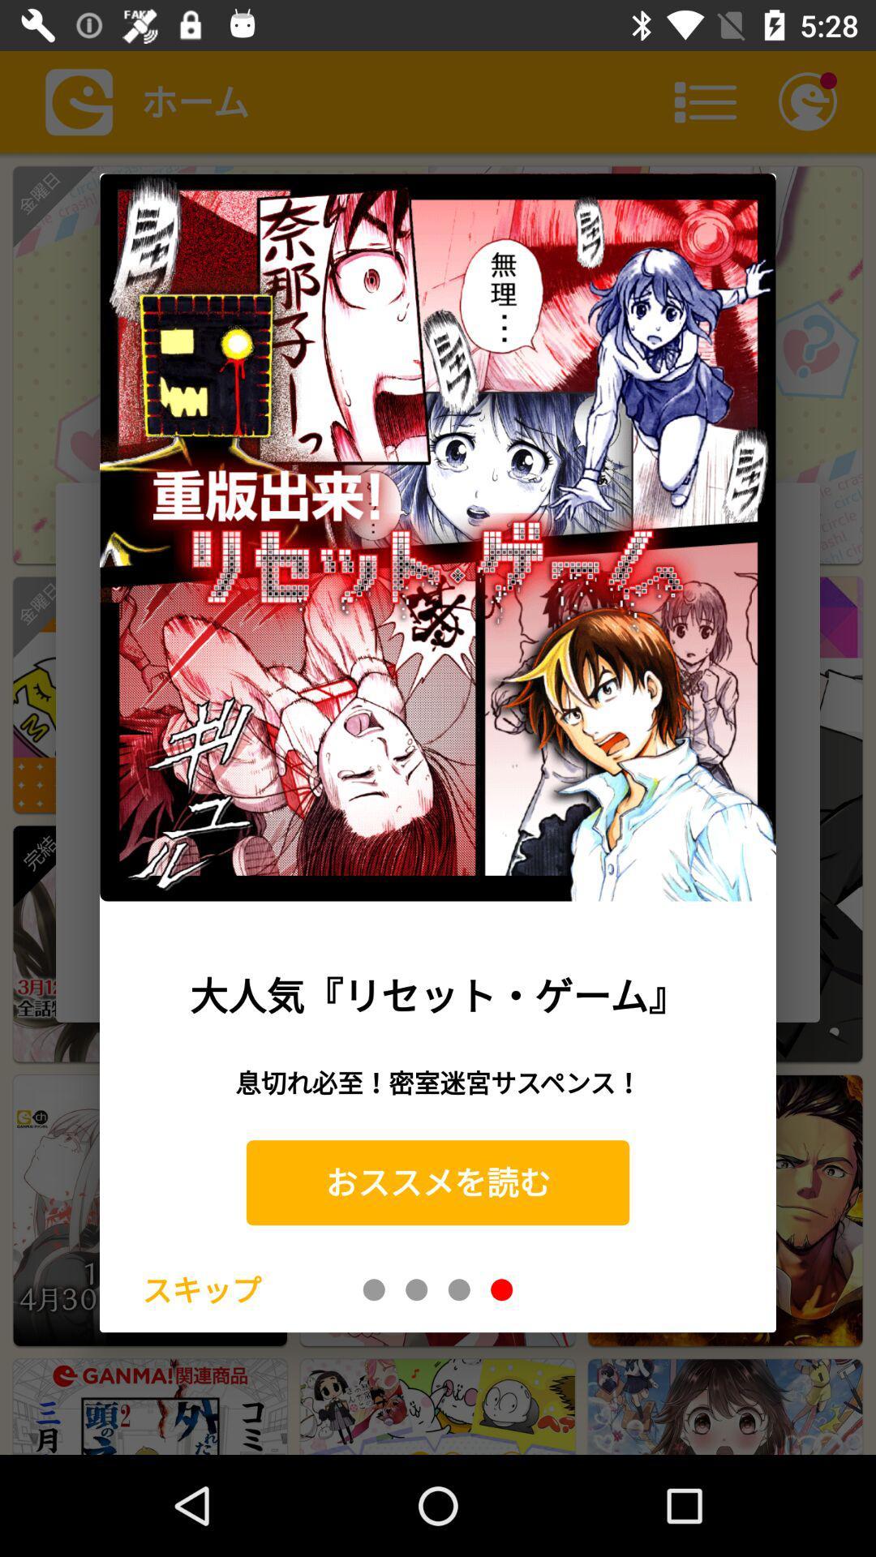  I want to click on screen 1, so click(374, 1289).